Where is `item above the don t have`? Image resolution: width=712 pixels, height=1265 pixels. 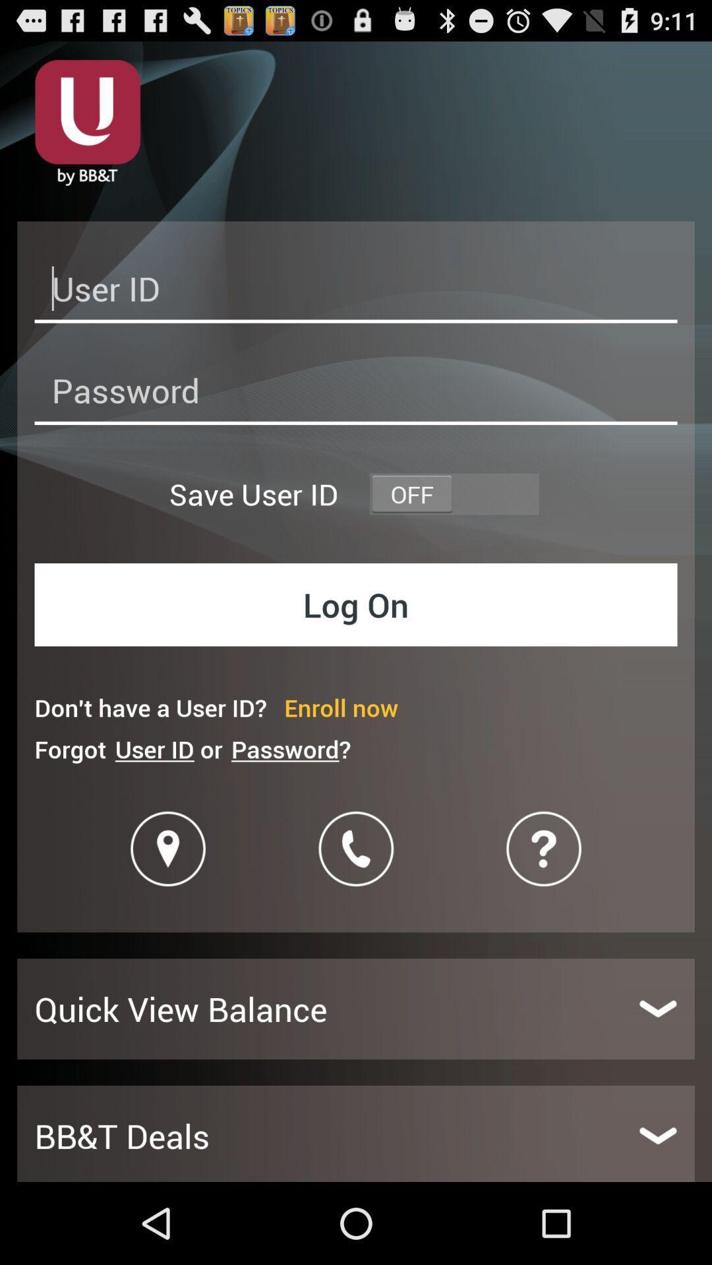
item above the don t have is located at coordinates (356, 604).